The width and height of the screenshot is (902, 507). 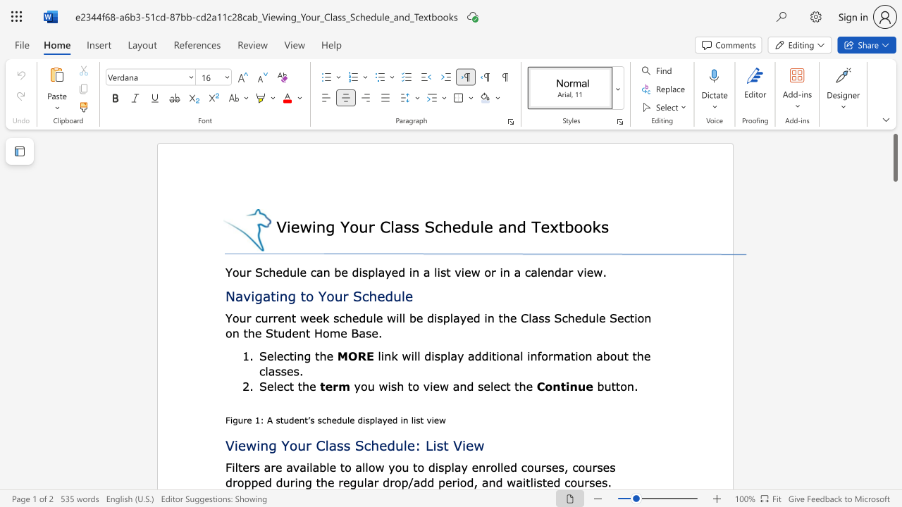 I want to click on the scrollbar on the right to move the page downward, so click(x=894, y=294).